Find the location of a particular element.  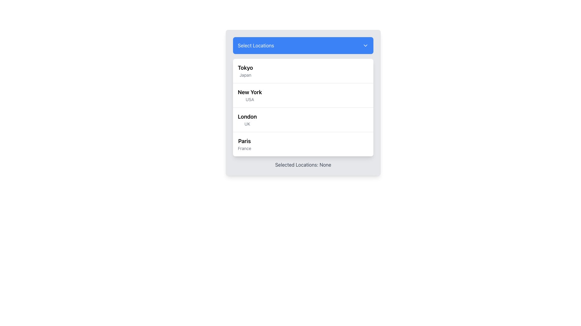

the first selectable list item displaying 'Tokyo' is located at coordinates (303, 71).